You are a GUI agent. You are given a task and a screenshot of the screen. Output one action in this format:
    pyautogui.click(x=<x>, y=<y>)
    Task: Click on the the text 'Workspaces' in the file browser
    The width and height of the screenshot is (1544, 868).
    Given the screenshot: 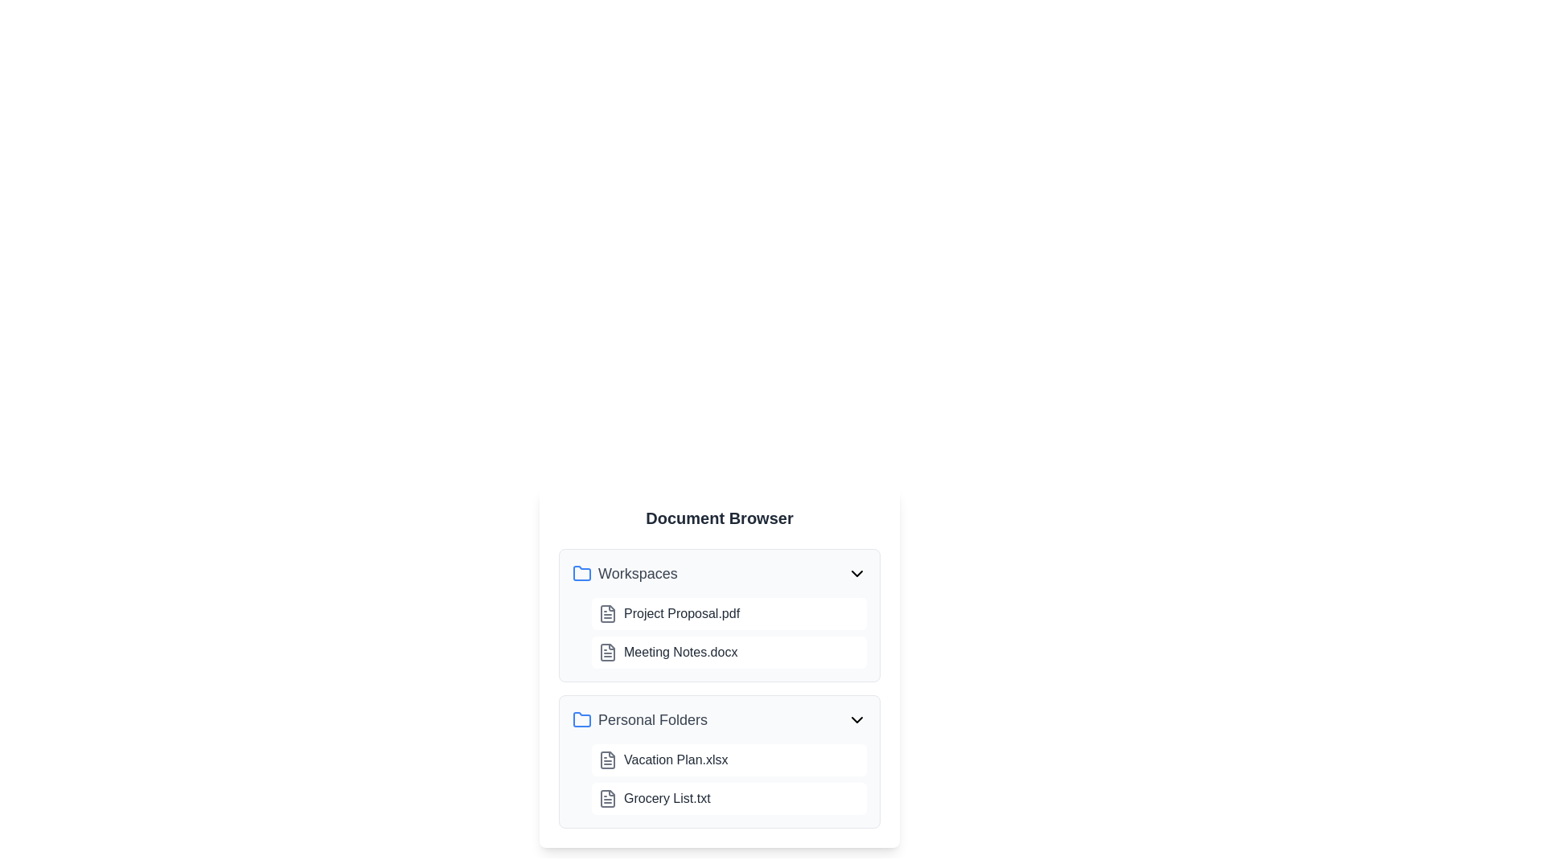 What is the action you would take?
    pyautogui.click(x=624, y=572)
    